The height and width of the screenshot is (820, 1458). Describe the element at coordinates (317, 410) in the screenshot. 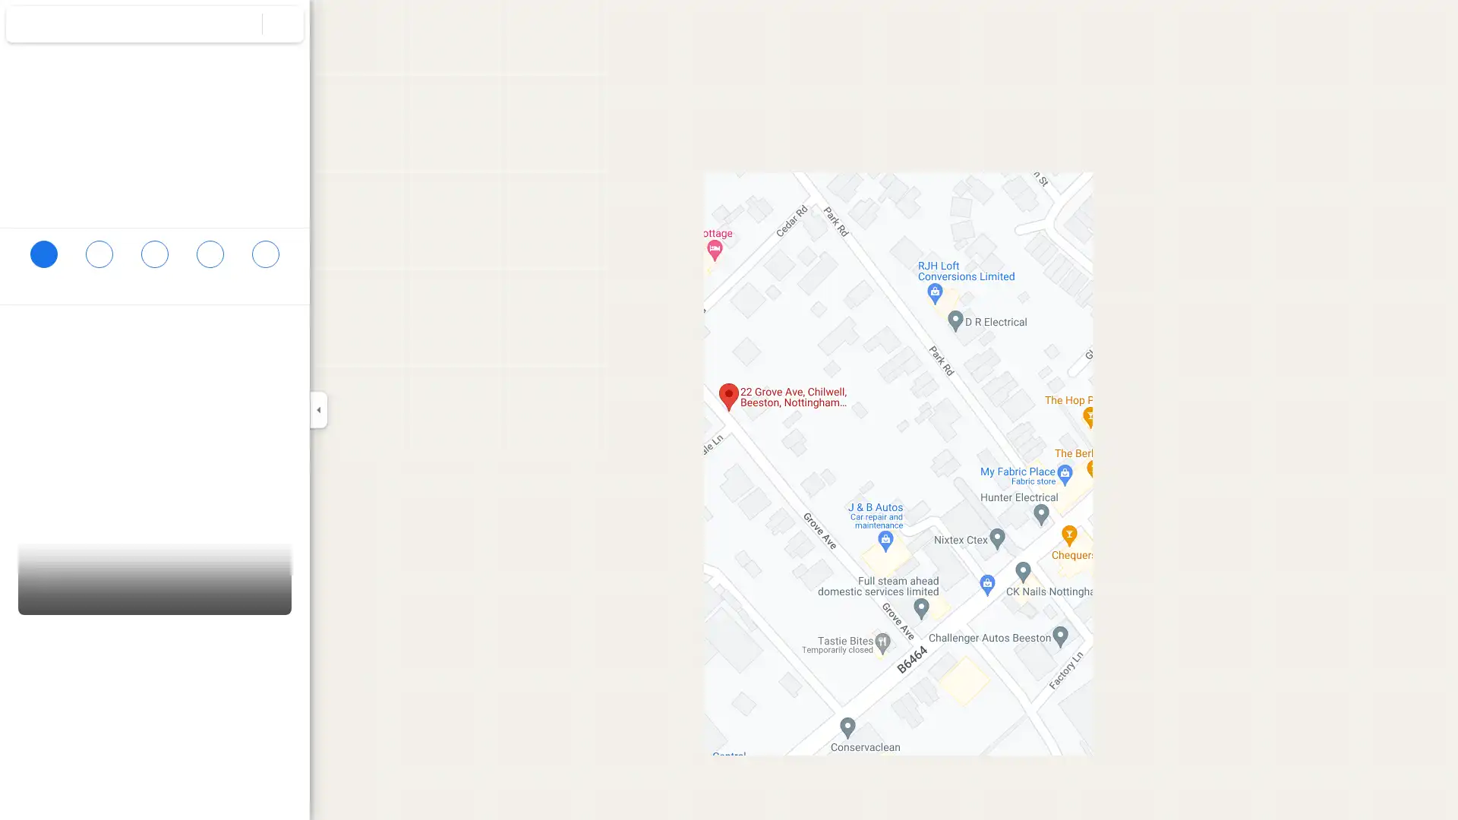

I see `Collapse side panel` at that location.